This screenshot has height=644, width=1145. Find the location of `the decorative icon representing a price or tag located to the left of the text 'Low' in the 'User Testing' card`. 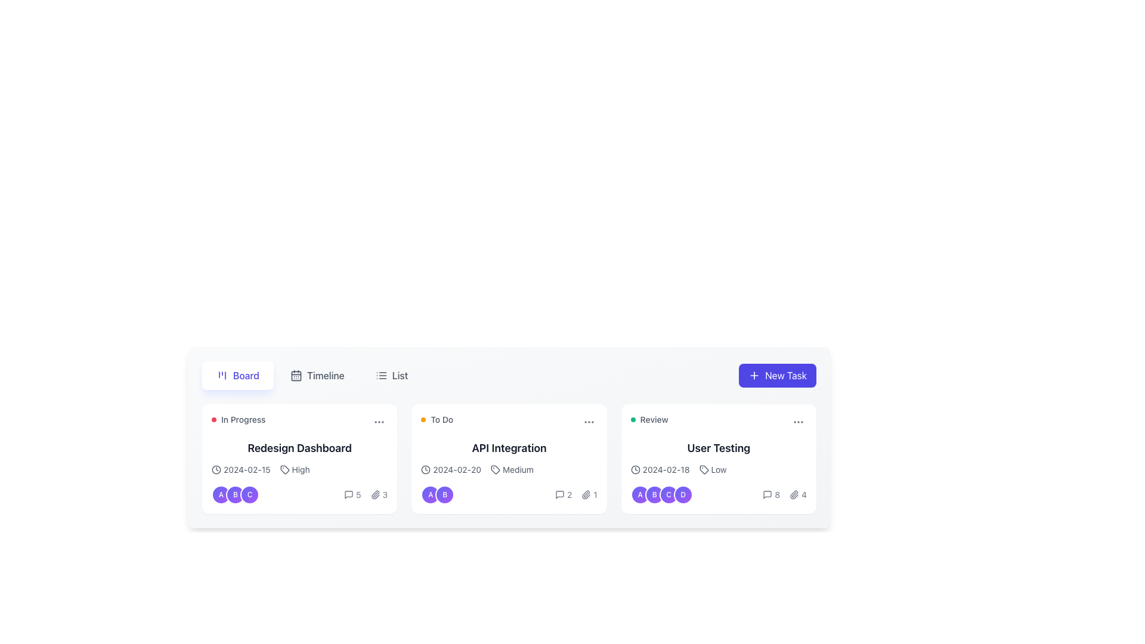

the decorative icon representing a price or tag located to the left of the text 'Low' in the 'User Testing' card is located at coordinates (704, 469).